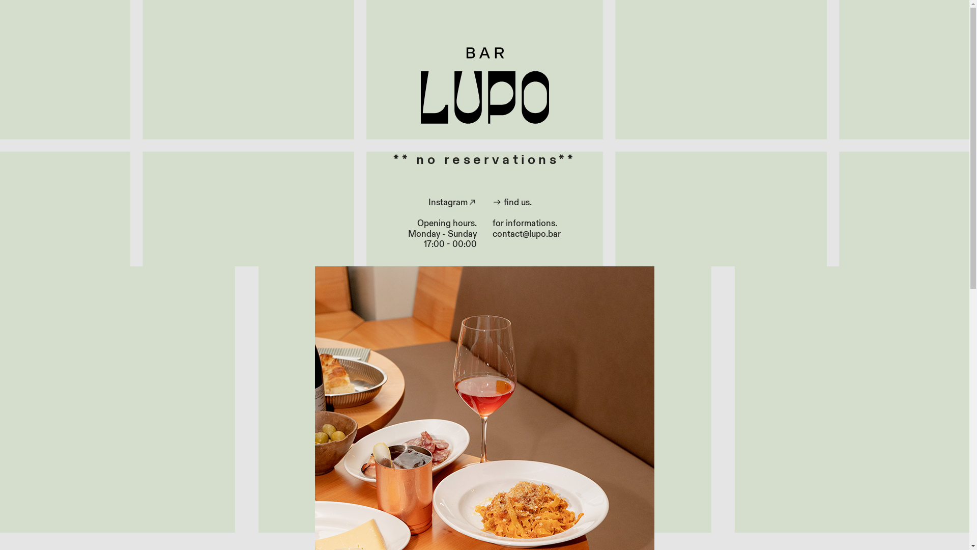 This screenshot has height=550, width=977. Describe the element at coordinates (527, 234) in the screenshot. I see `'contact@lupo.bar'` at that location.